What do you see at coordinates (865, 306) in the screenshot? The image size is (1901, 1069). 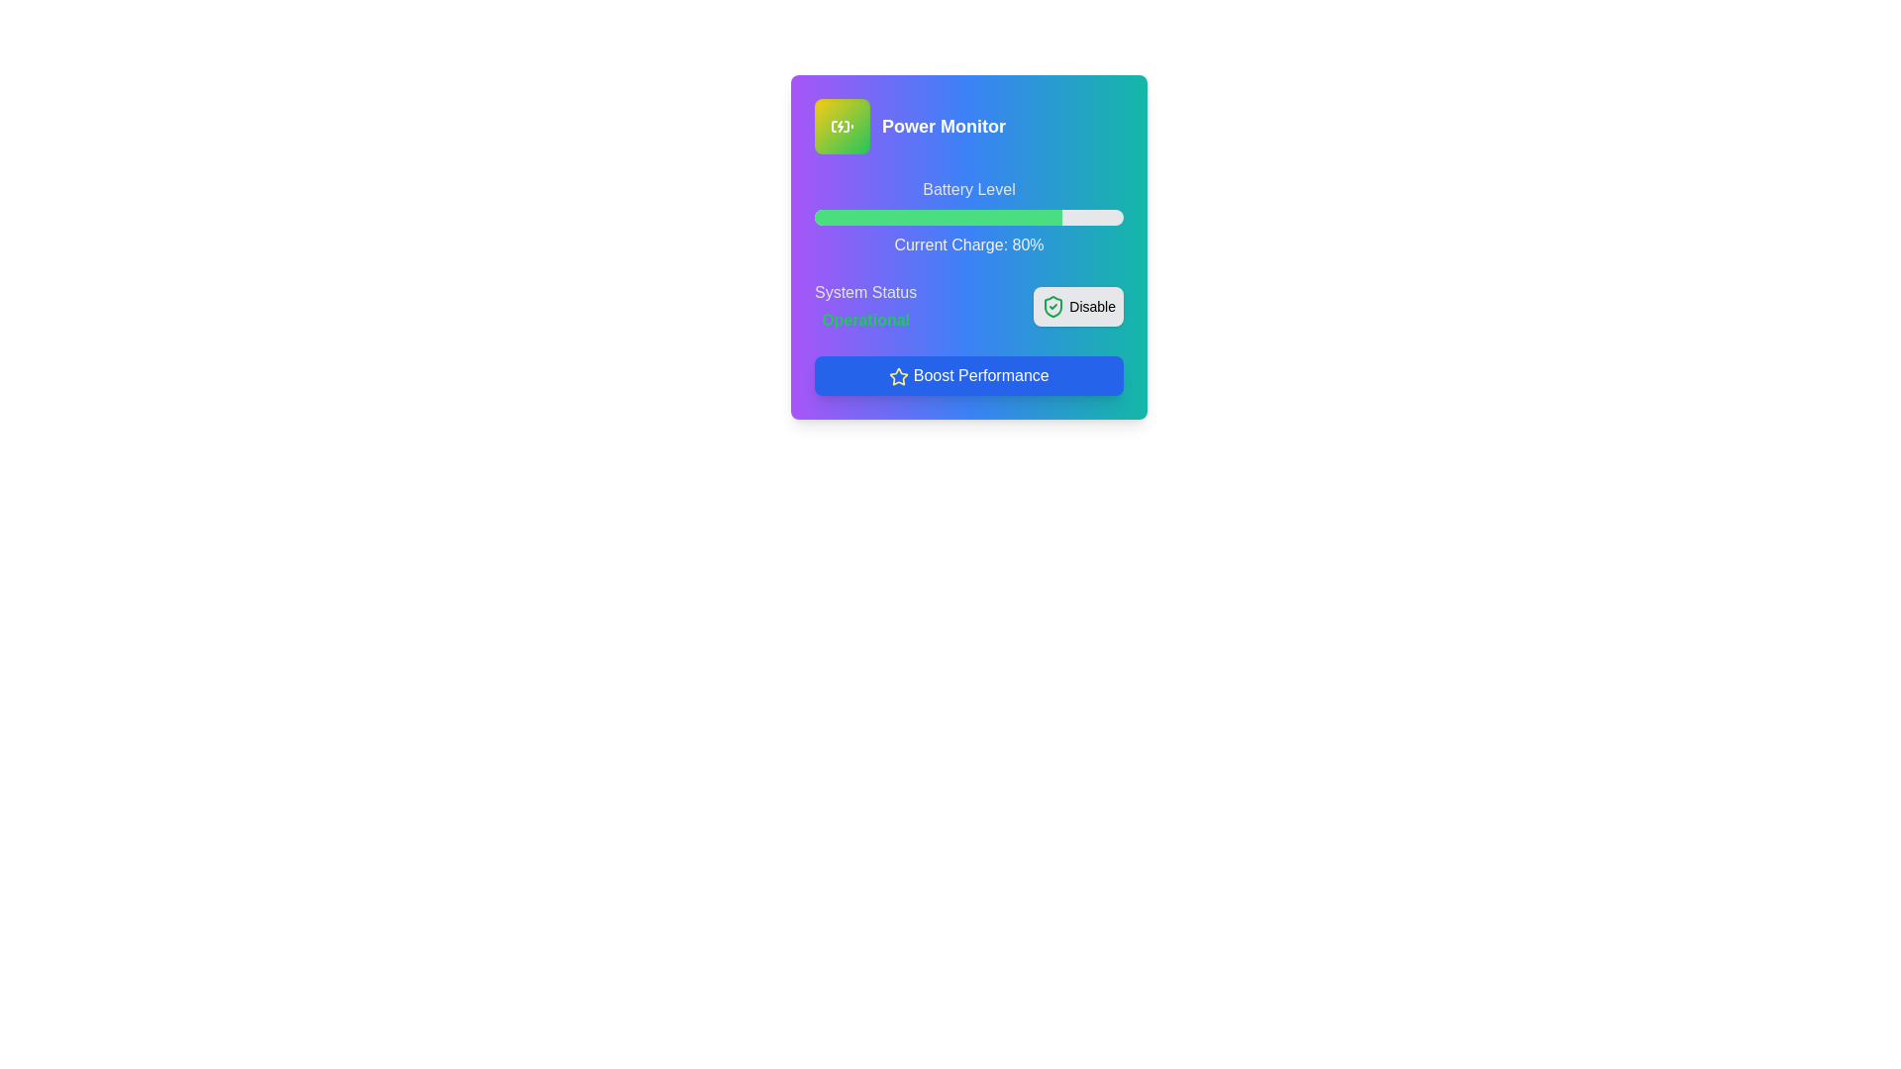 I see `the status indicator text that shows 'Operational', located below the 'Current Charge: 80%' label and to the left of the 'Disable' button` at bounding box center [865, 306].